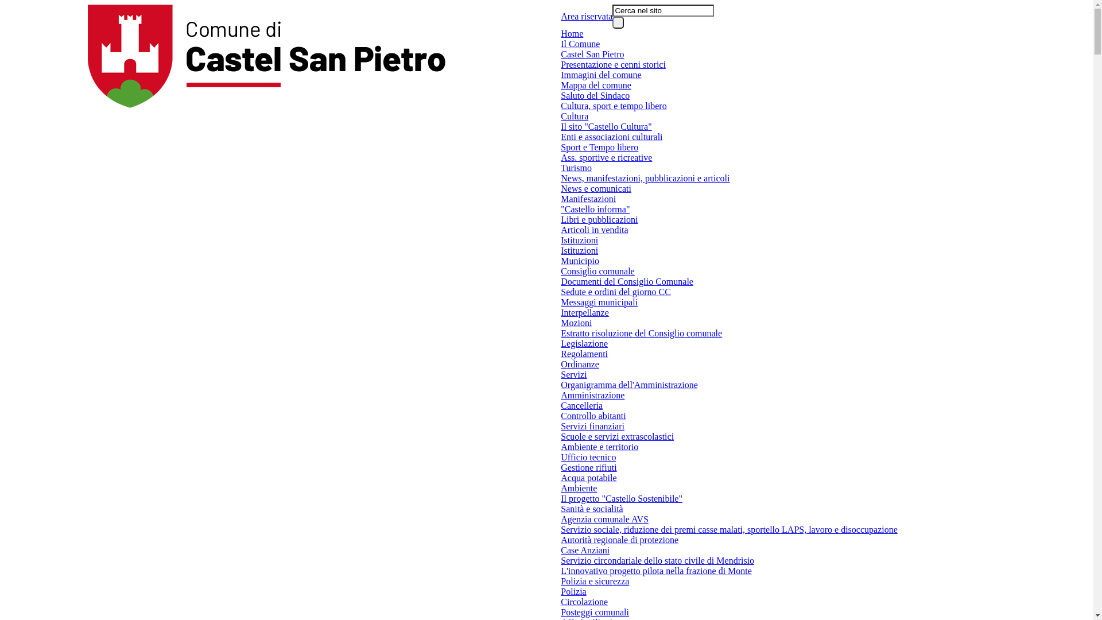  Describe the element at coordinates (561, 17) in the screenshot. I see `'Area riservata'` at that location.